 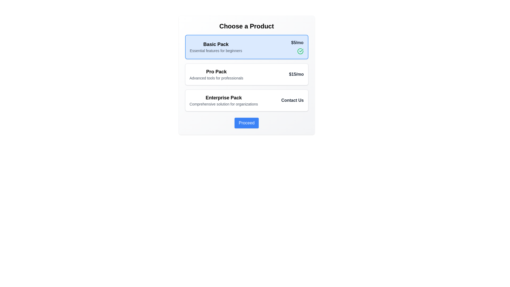 I want to click on the blue 'Proceed' button with white text to observe any hover effects, so click(x=246, y=123).